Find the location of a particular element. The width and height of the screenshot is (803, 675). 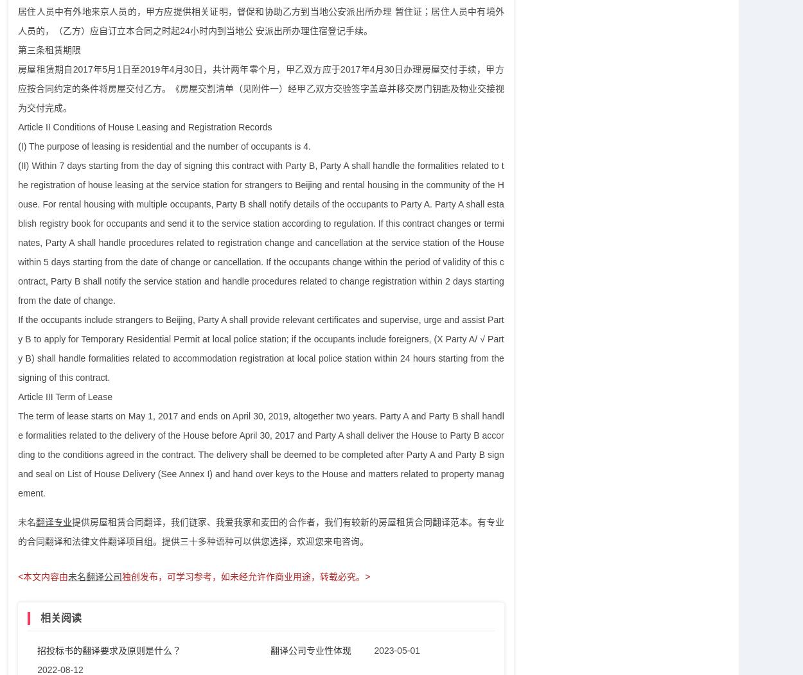

'2023-05-01' is located at coordinates (396, 649).